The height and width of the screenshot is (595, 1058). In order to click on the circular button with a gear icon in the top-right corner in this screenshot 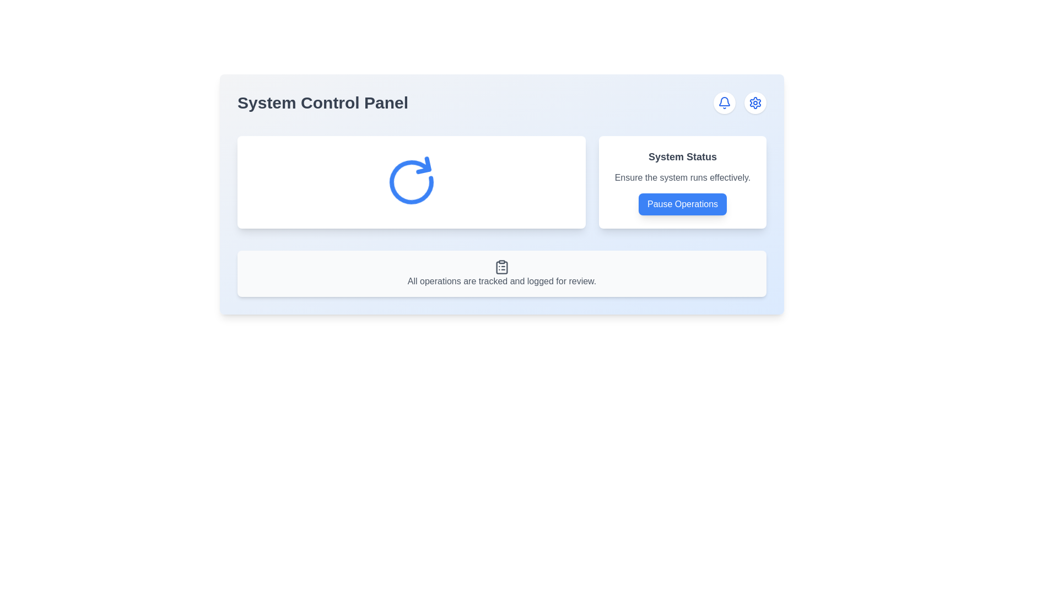, I will do `click(755, 102)`.